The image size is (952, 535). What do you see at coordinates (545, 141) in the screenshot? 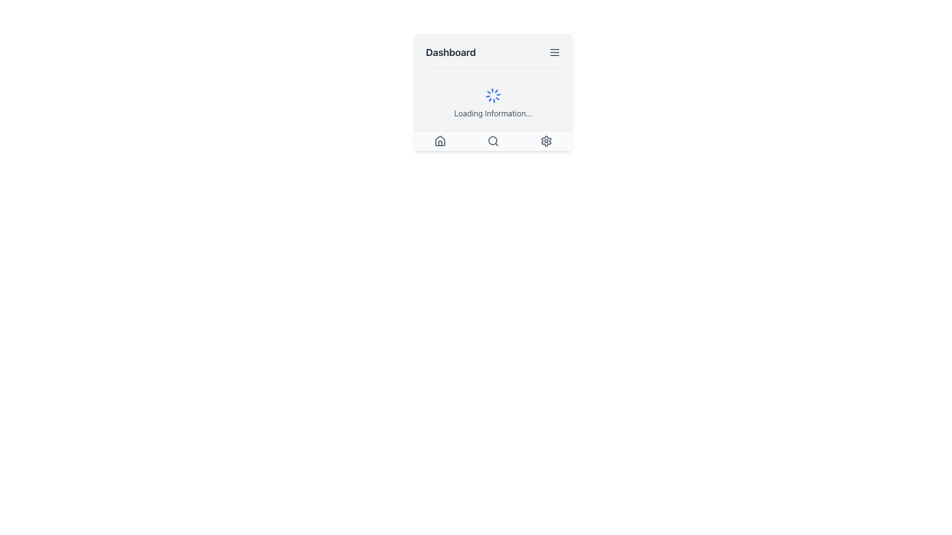
I see `the settings icon located on the far-right side of the navigation bar at the bottom of the card-like section` at bounding box center [545, 141].